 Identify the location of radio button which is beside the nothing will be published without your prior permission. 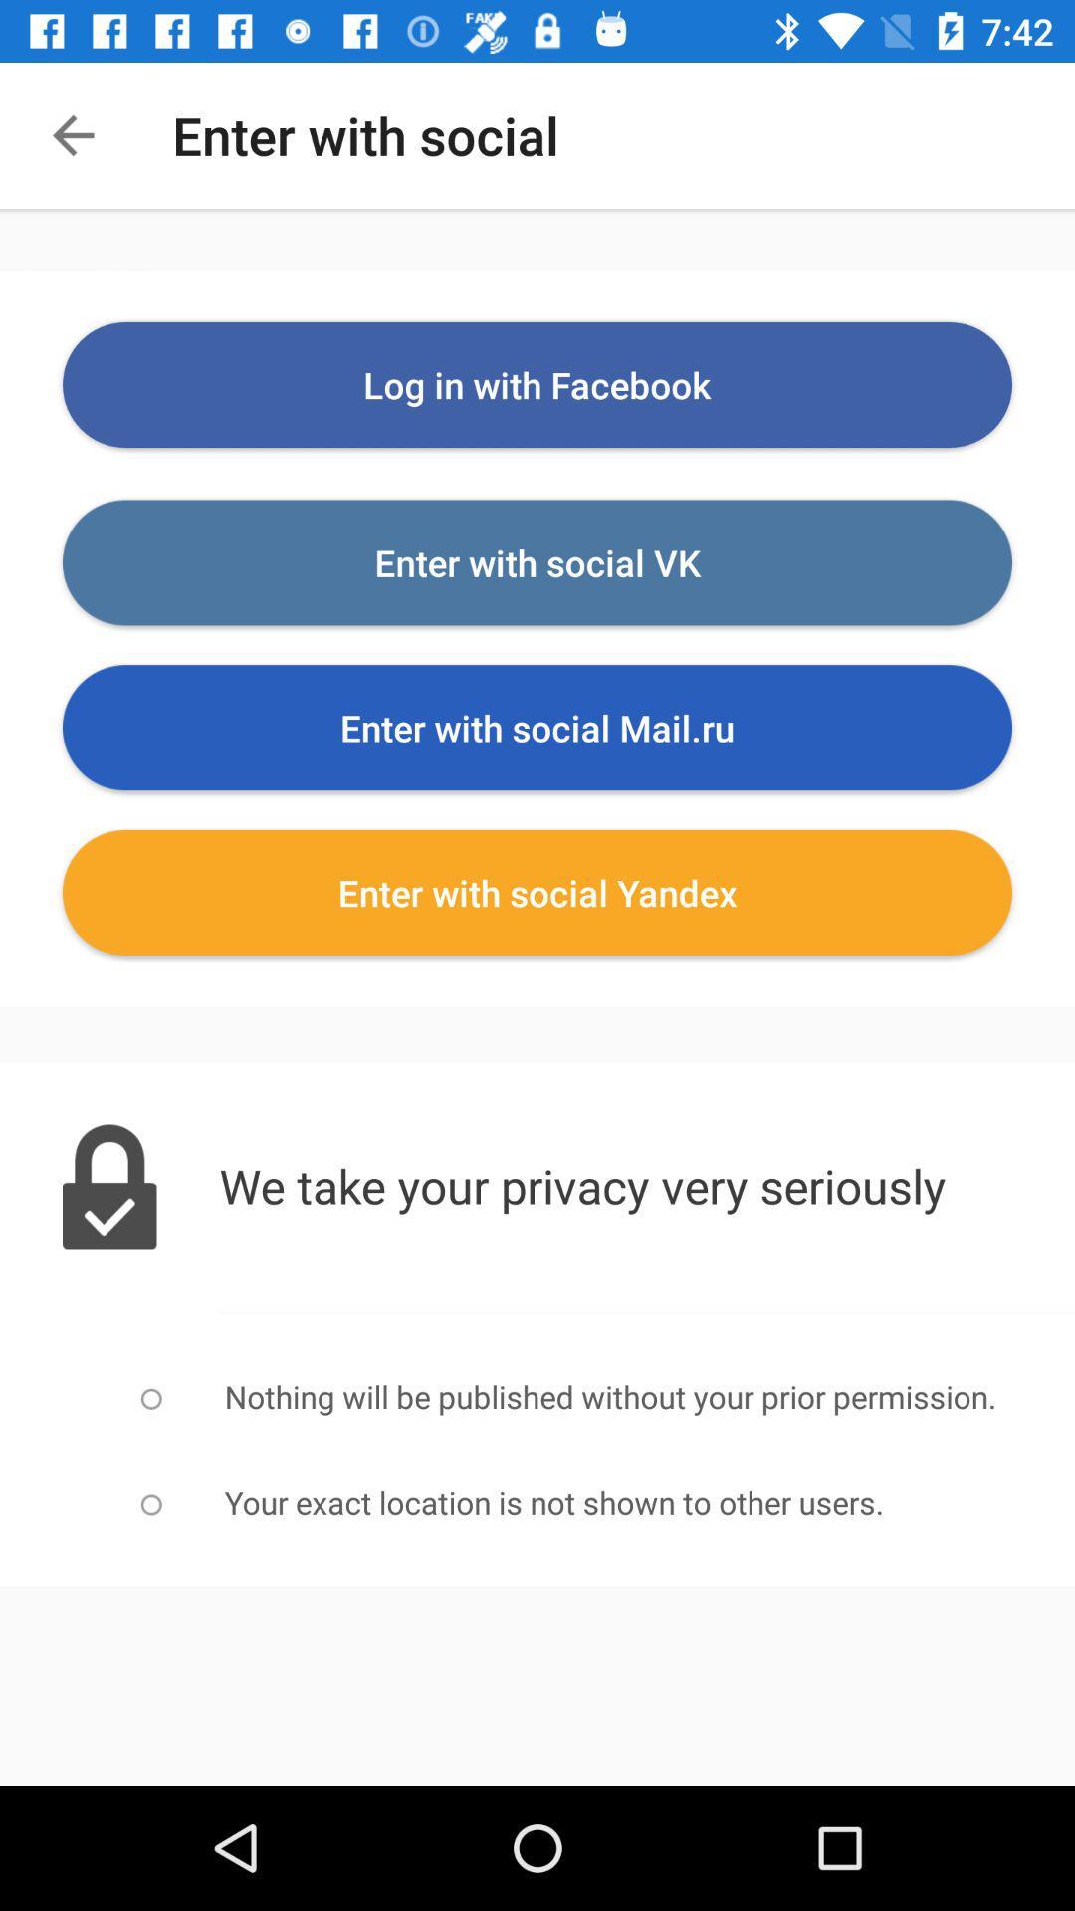
(150, 1398).